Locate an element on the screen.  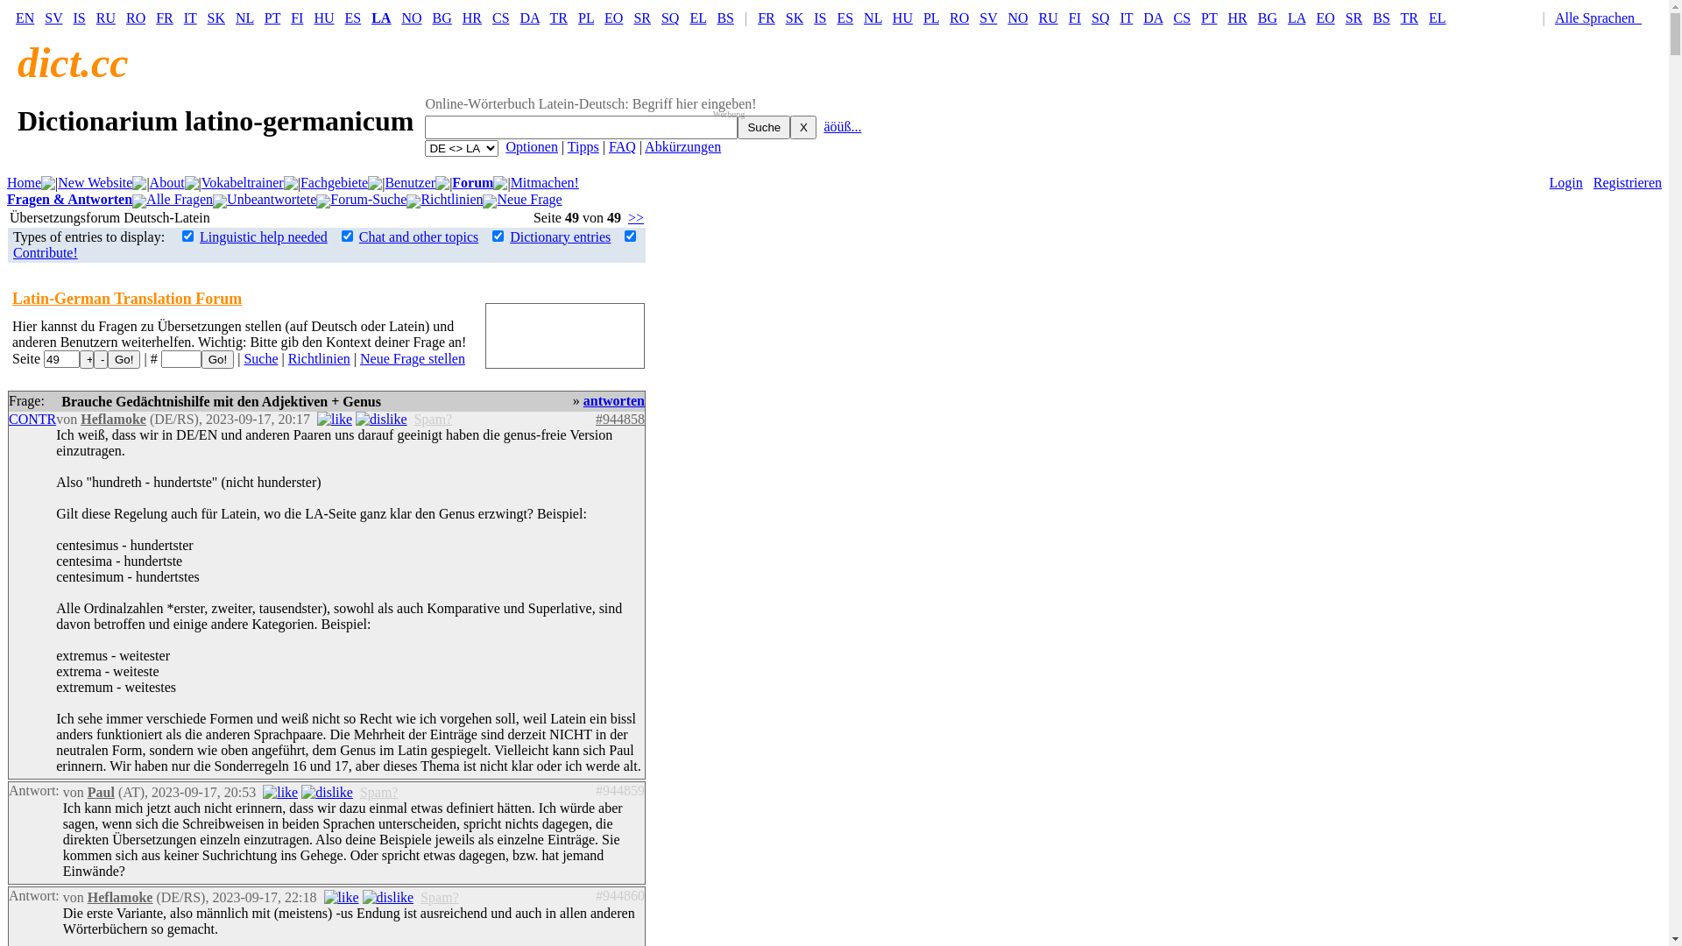
'Forum' is located at coordinates (451, 182).